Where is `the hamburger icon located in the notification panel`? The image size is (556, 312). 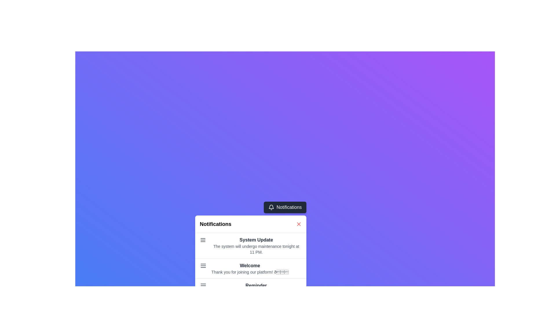 the hamburger icon located in the notification panel is located at coordinates (203, 240).